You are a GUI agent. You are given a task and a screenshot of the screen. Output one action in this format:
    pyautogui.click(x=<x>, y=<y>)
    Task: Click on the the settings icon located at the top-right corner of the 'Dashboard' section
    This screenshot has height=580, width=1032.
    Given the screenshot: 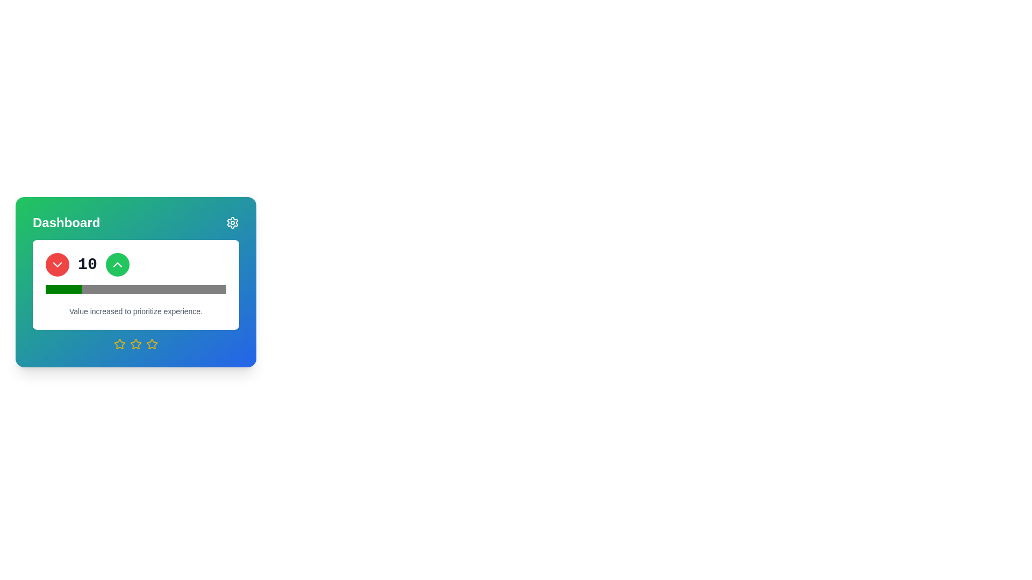 What is the action you would take?
    pyautogui.click(x=232, y=222)
    